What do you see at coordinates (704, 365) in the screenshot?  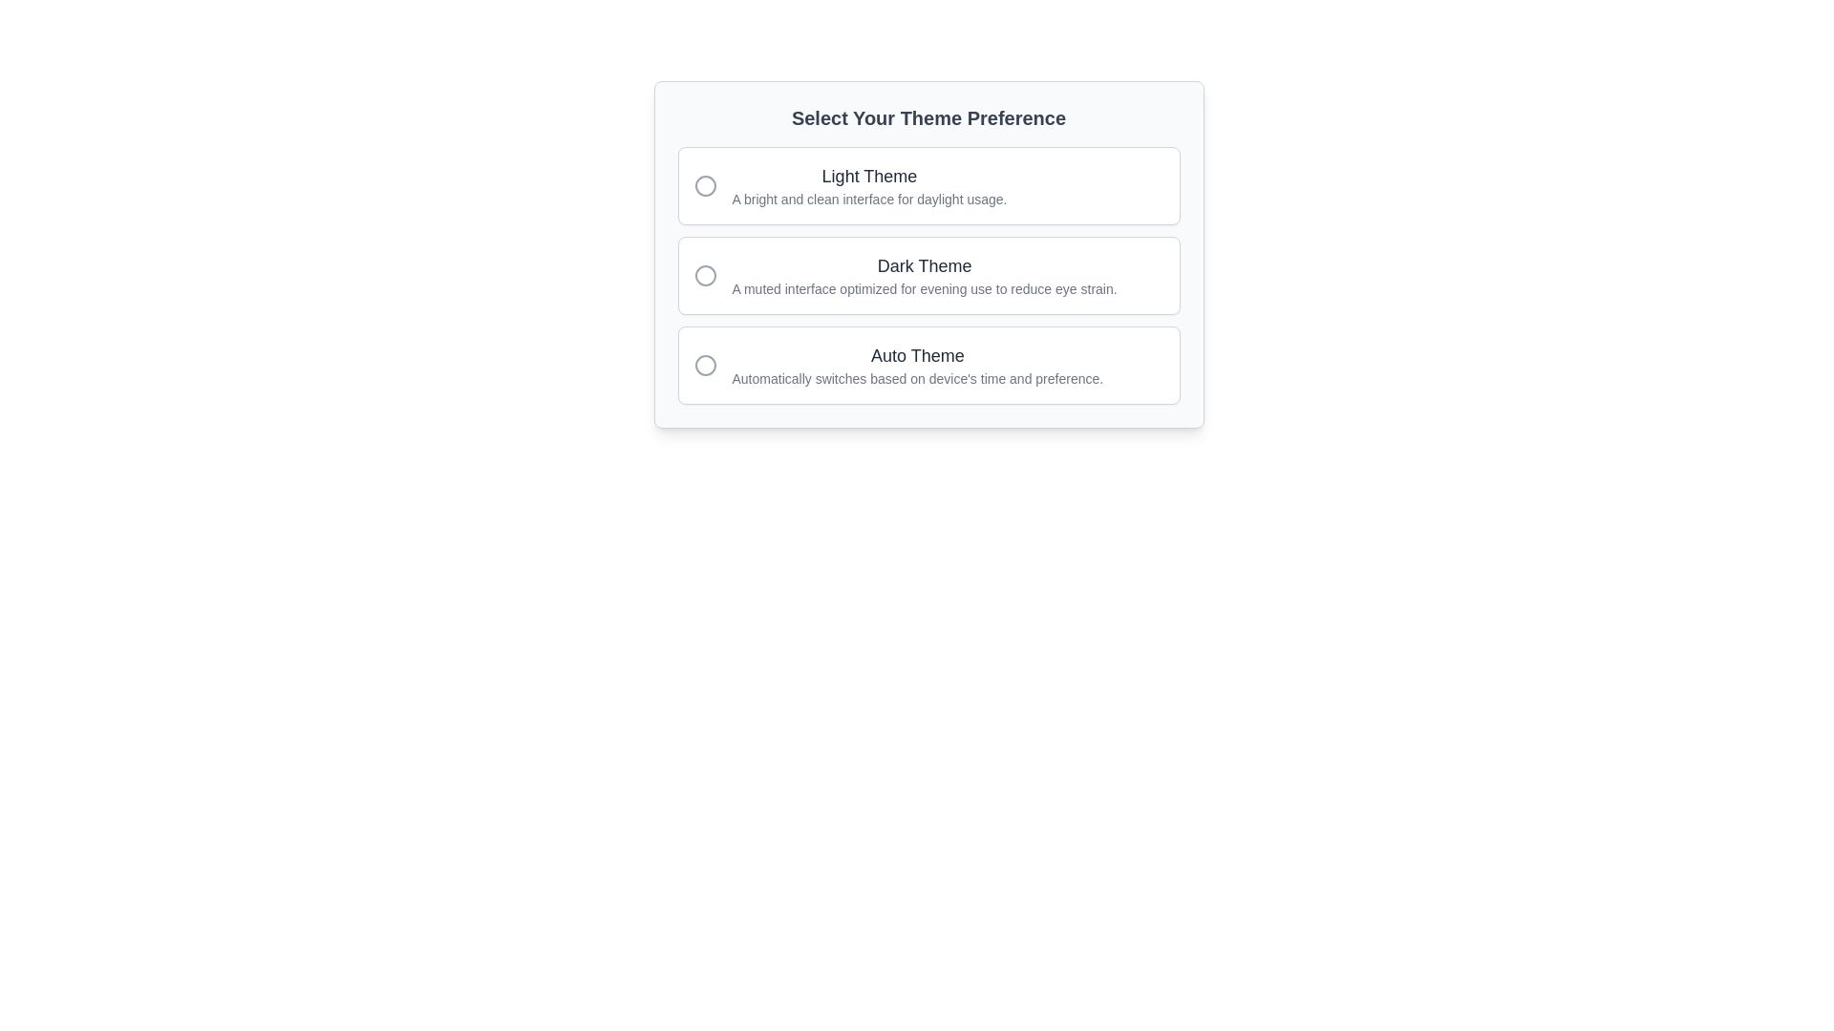 I see `the circular Radio Icon located to the left of the 'Auto Theme' option` at bounding box center [704, 365].